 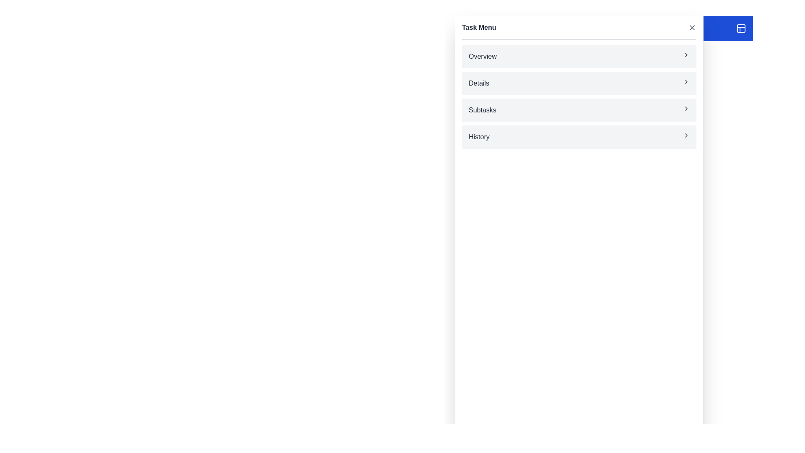 What do you see at coordinates (686, 55) in the screenshot?
I see `the right-pointing chevron icon located next to the 'Overview' text label in the Task Menu` at bounding box center [686, 55].